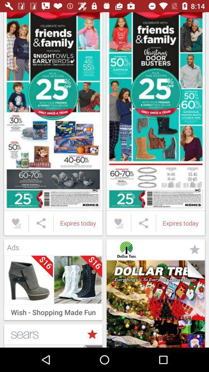  Describe the element at coordinates (53, 310) in the screenshot. I see `the wish shopping made icon` at that location.